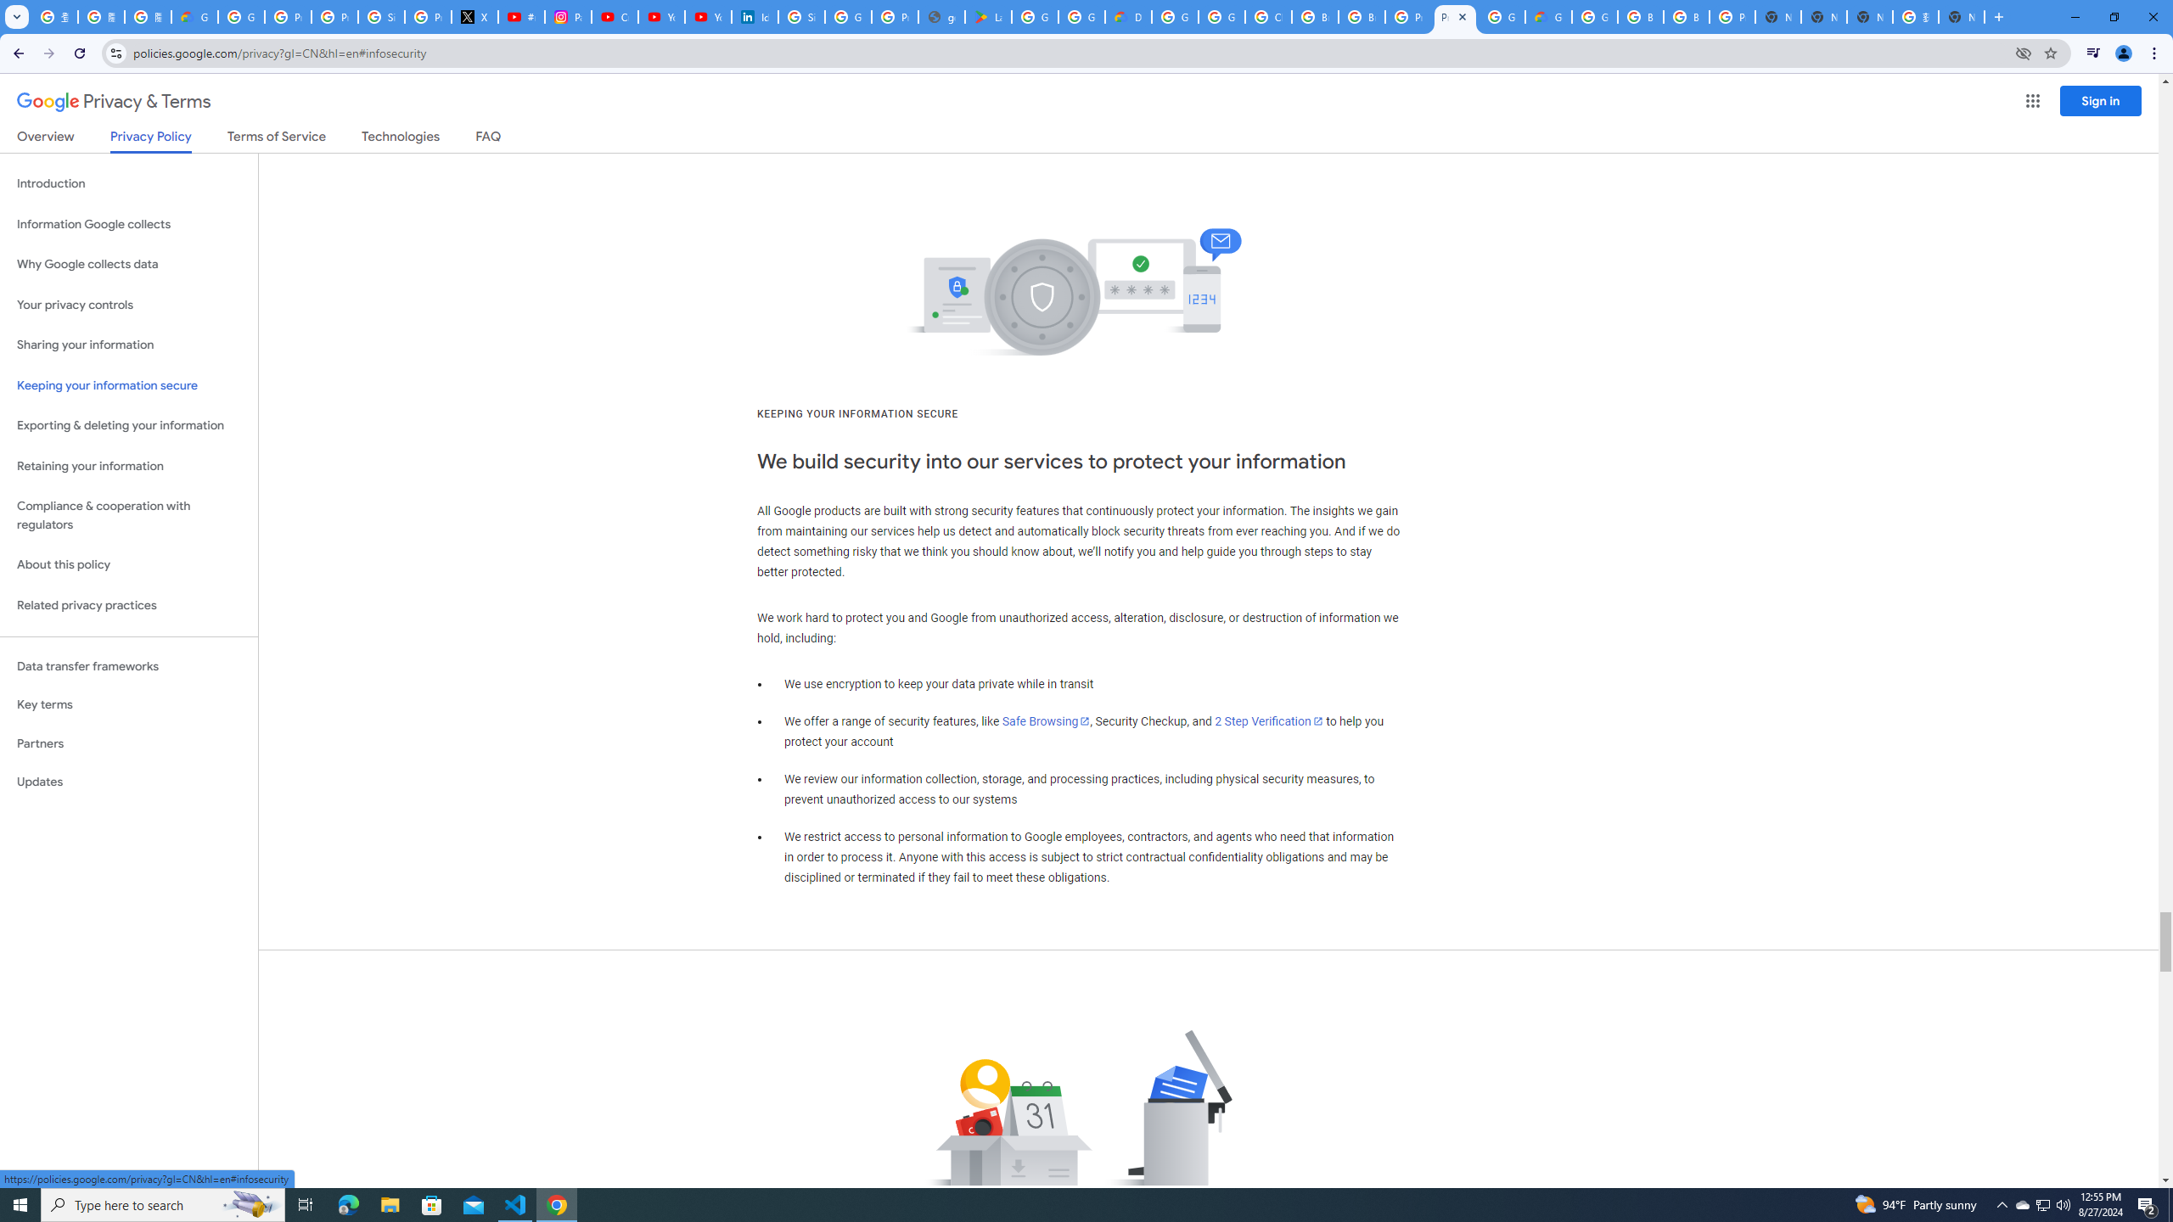  What do you see at coordinates (1045, 721) in the screenshot?
I see `'Safe Browsing'` at bounding box center [1045, 721].